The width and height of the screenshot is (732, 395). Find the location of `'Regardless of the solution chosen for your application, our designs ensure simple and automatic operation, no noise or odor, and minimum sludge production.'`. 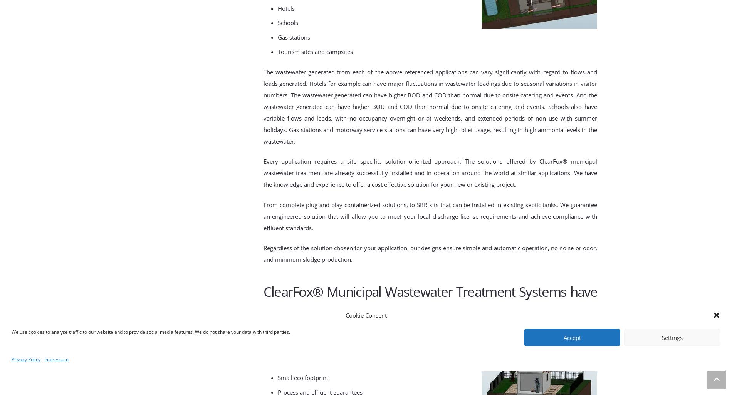

'Regardless of the solution chosen for your application, our designs ensure simple and automatic operation, no noise or odor, and minimum sludge production.' is located at coordinates (430, 253).